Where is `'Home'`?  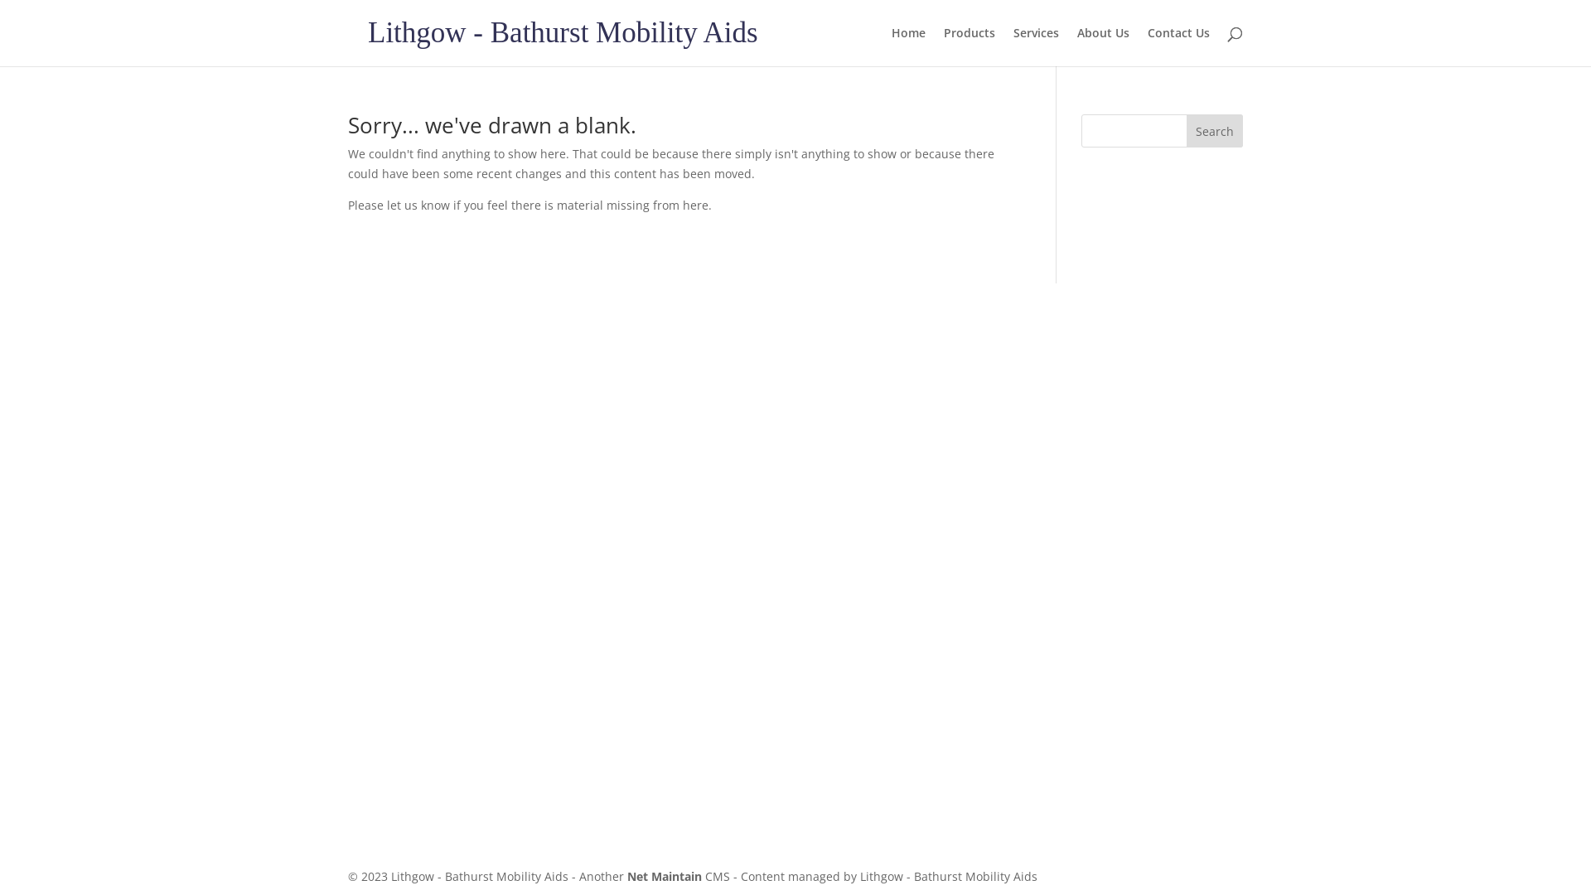 'Home' is located at coordinates (907, 46).